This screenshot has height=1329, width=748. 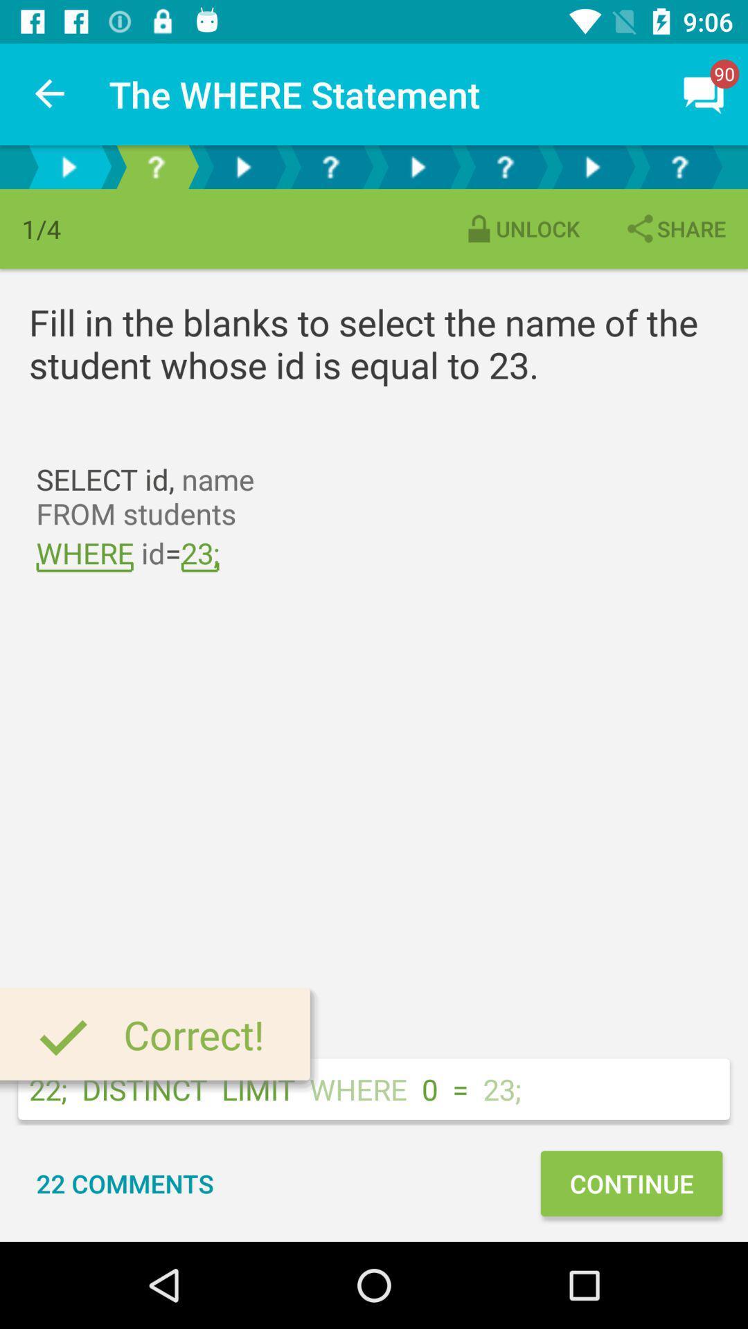 I want to click on item next to the where statement item, so click(x=50, y=93).